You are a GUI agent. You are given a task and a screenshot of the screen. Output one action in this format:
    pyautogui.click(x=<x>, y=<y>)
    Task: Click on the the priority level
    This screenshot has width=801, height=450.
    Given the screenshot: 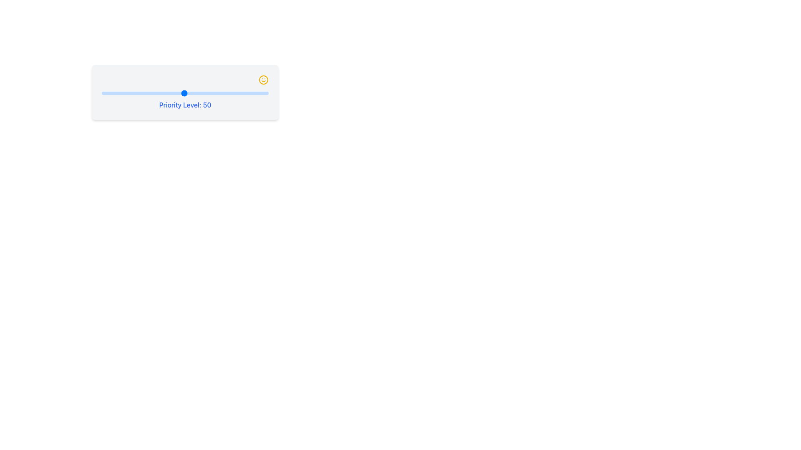 What is the action you would take?
    pyautogui.click(x=120, y=93)
    